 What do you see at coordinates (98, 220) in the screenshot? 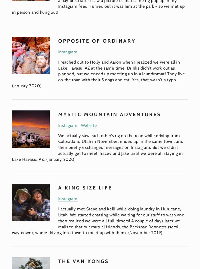
I see `'I actually met Steve and Kelli while doing laundry in Hurricane, Utah. We started chatting while waiting for our stuff to wash and then realized we were all full-timers! A couple of days later we realized that our mutual friends, the Backroad Bennetts (scroll way down), where driving into town to meet up with them. (November 2019)'` at bounding box center [98, 220].